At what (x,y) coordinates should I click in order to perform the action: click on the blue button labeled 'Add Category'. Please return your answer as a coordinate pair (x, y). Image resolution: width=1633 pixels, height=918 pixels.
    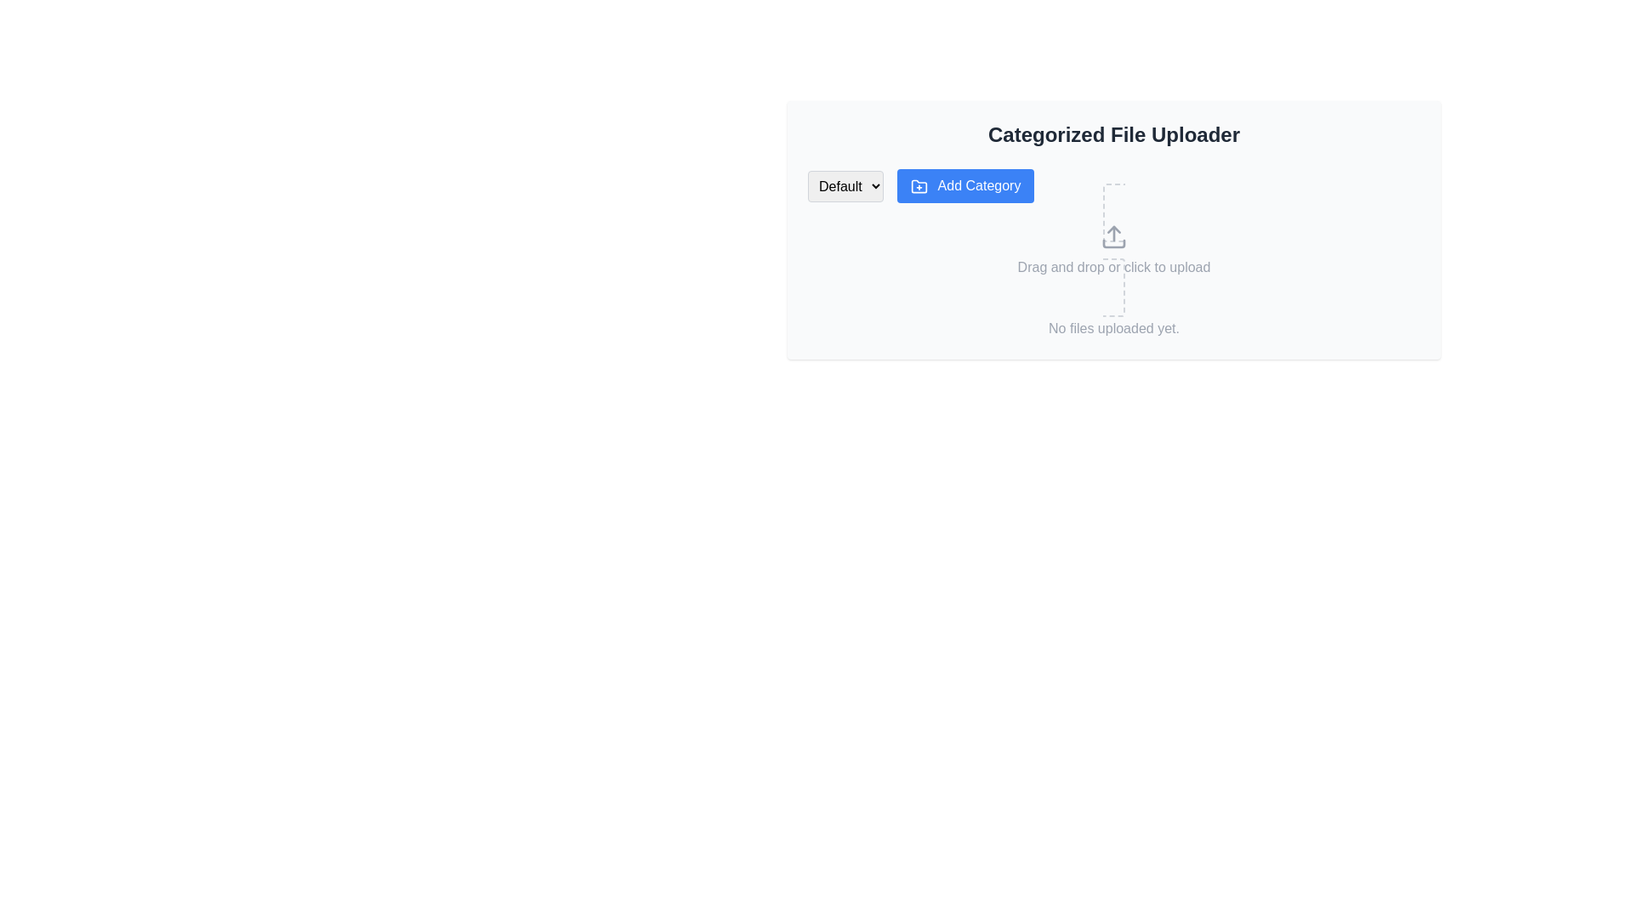
    Looking at the image, I should click on (965, 186).